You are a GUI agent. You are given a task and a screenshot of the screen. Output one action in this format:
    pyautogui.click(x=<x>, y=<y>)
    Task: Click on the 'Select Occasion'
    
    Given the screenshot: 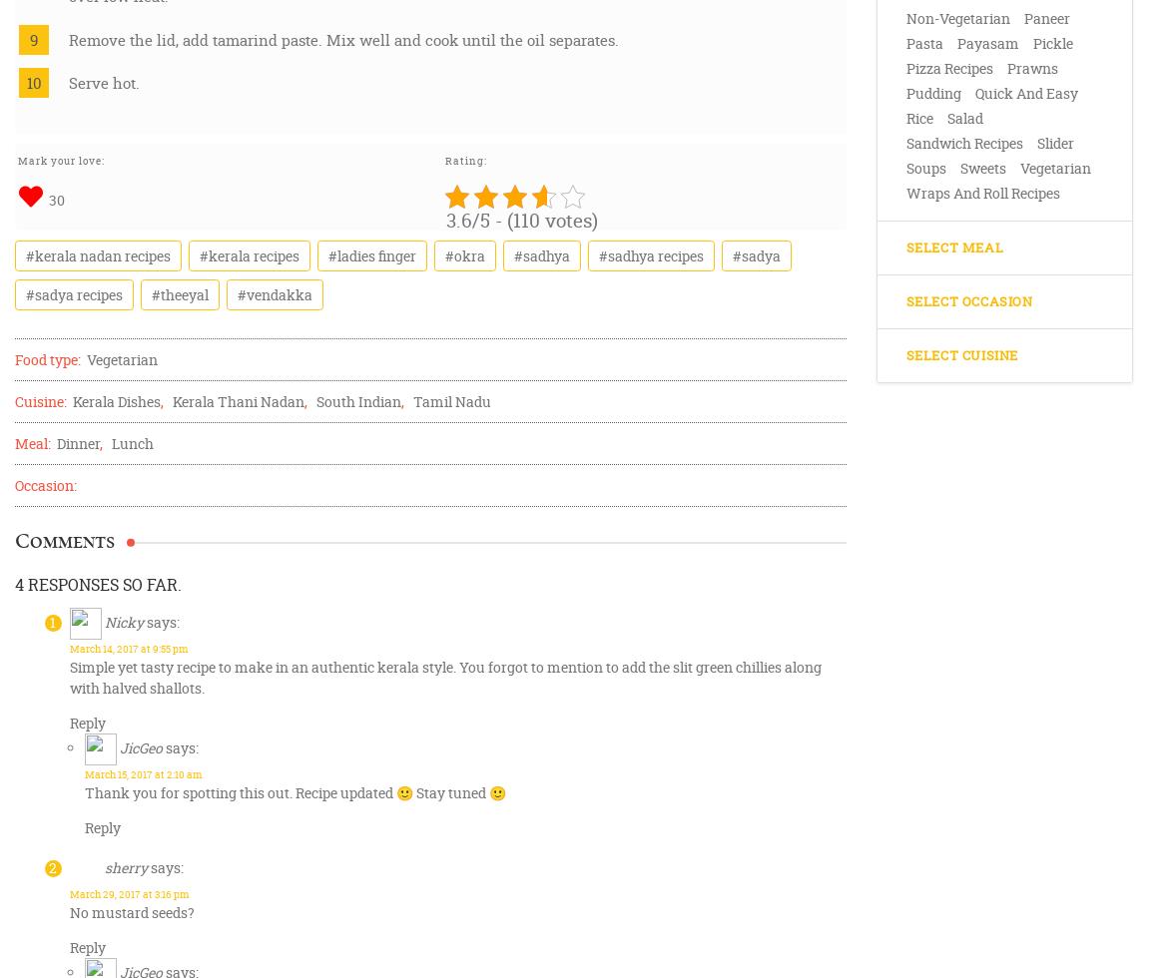 What is the action you would take?
    pyautogui.click(x=904, y=301)
    